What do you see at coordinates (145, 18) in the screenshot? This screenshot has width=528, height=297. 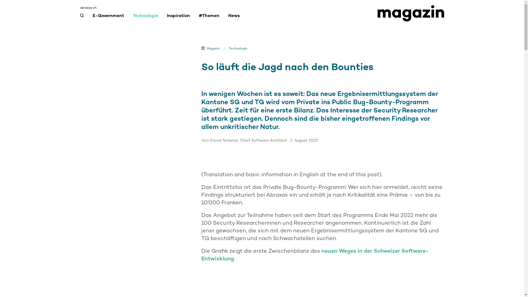 I see `'Technologie'` at bounding box center [145, 18].